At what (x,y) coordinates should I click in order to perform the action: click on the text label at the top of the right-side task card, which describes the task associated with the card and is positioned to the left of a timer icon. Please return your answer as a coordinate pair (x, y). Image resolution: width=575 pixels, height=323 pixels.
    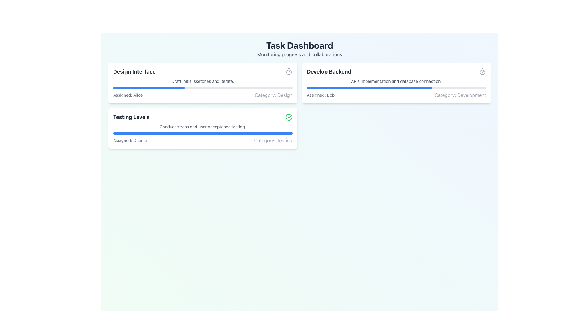
    Looking at the image, I should click on (329, 71).